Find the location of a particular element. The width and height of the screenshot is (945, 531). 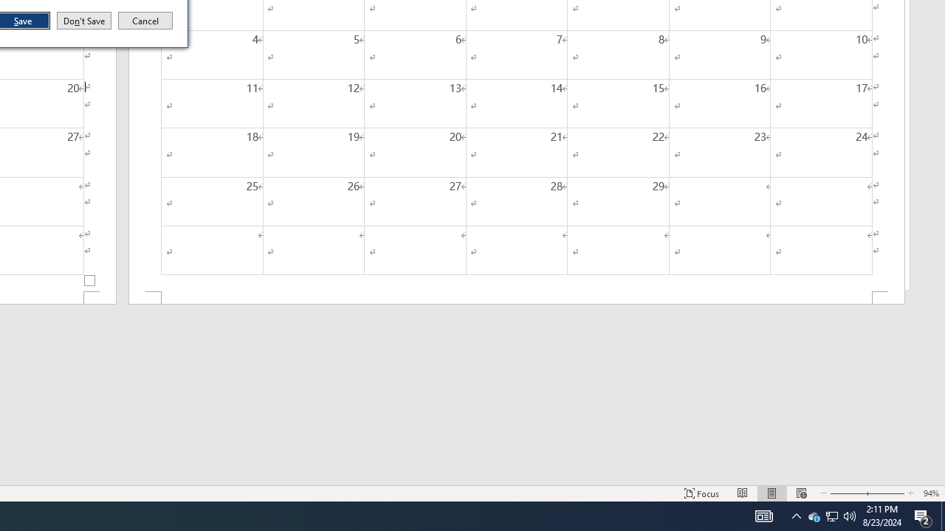

'Notification Chevron' is located at coordinates (796, 515).